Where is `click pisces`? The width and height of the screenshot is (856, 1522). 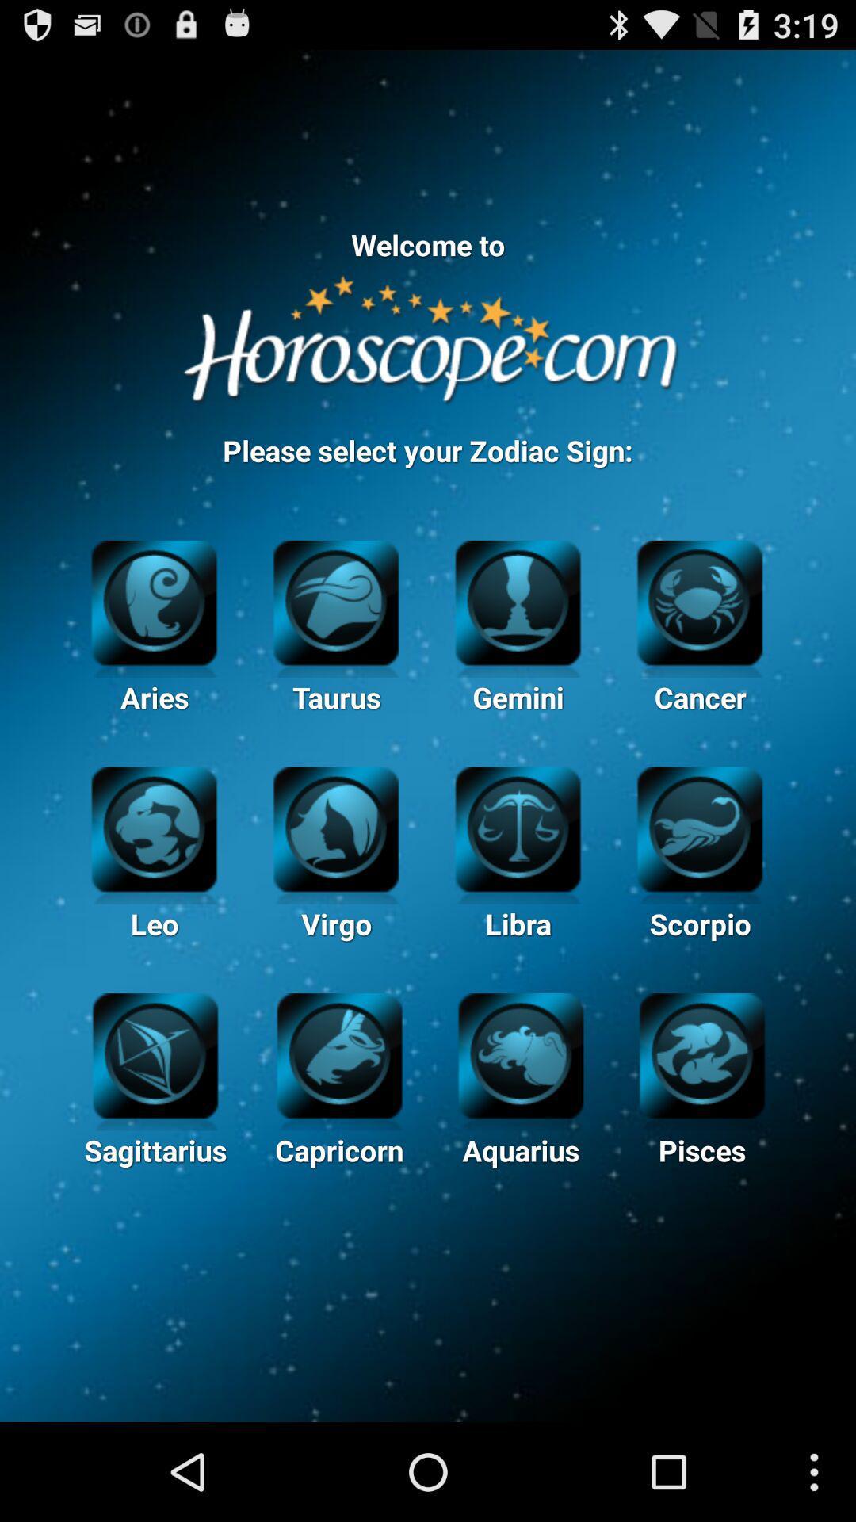
click pisces is located at coordinates (701, 1054).